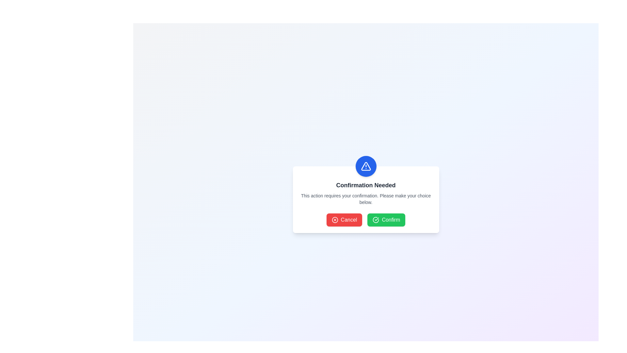  What do you see at coordinates (386, 220) in the screenshot?
I see `the confirmation button located in the bottom-right corner of the modal dialog to observe its hover effects` at bounding box center [386, 220].